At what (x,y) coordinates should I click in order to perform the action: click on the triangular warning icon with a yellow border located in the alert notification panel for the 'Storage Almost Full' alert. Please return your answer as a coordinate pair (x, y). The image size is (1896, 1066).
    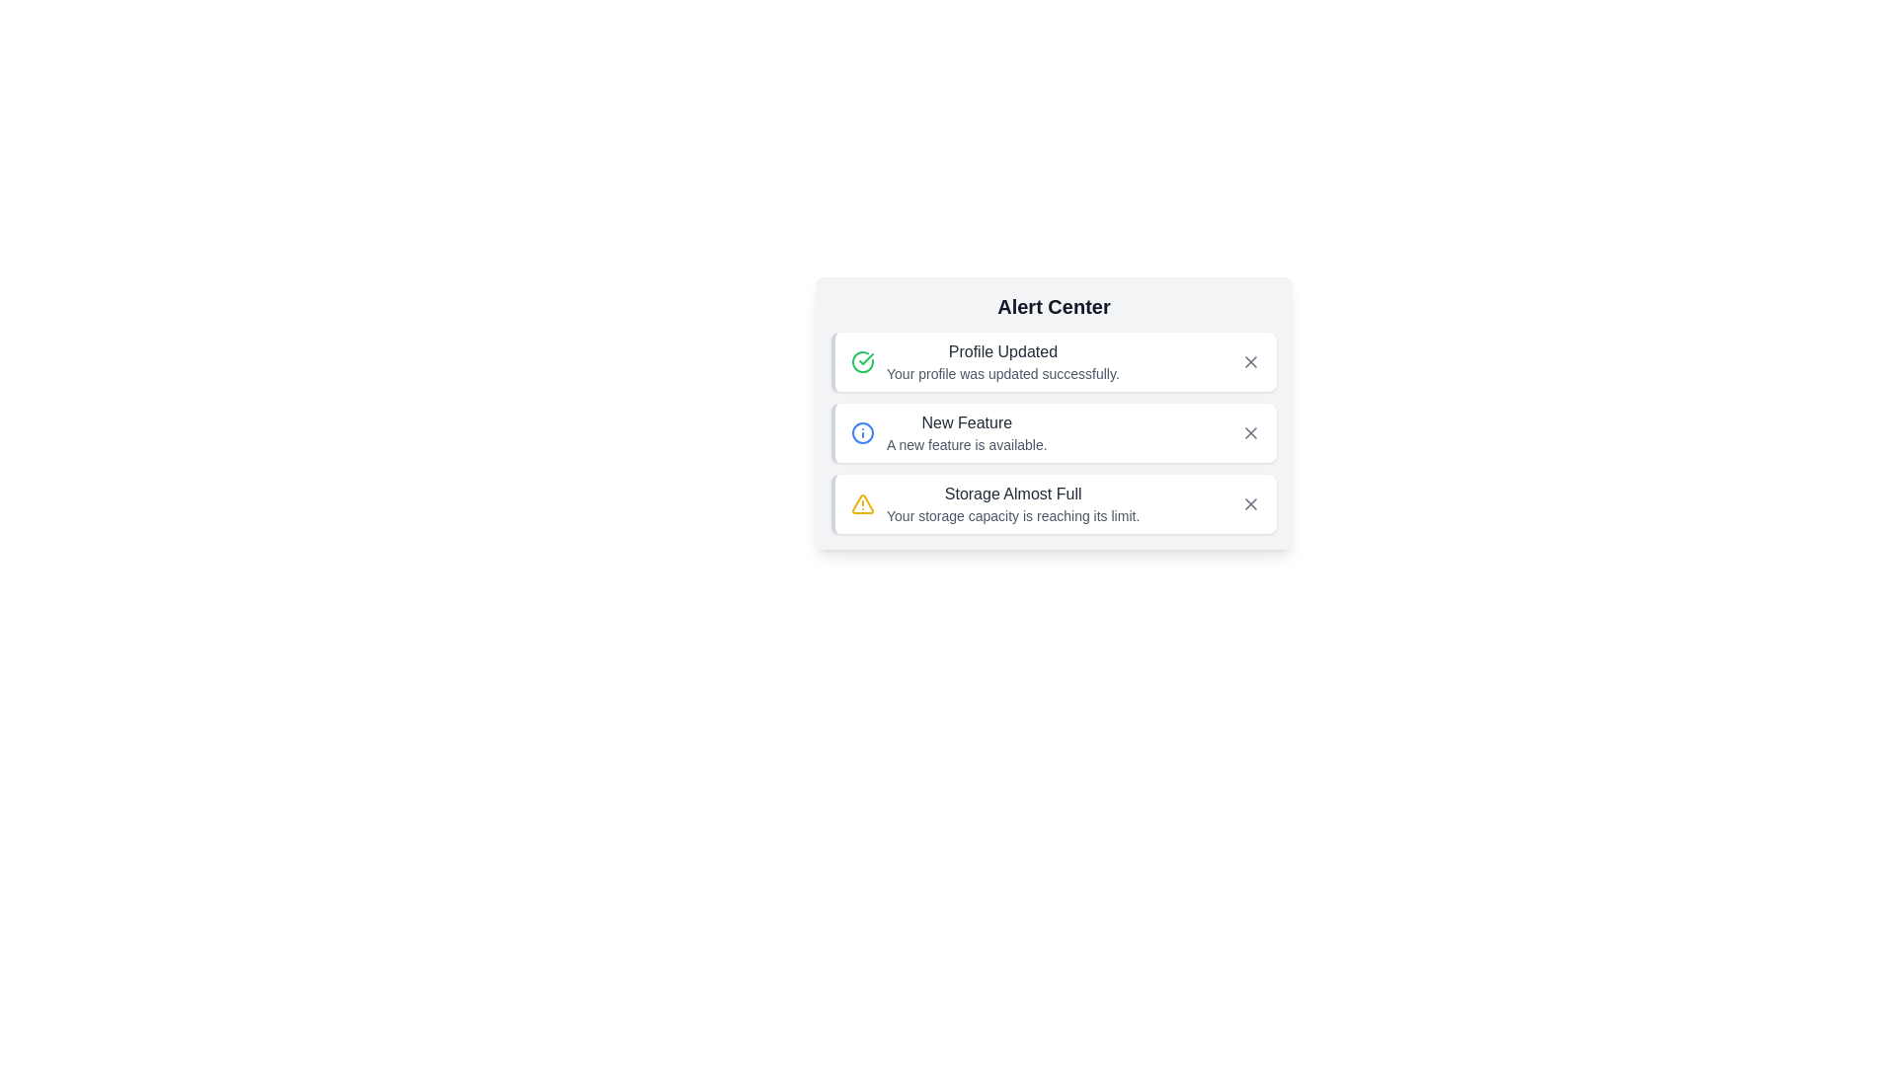
    Looking at the image, I should click on (862, 502).